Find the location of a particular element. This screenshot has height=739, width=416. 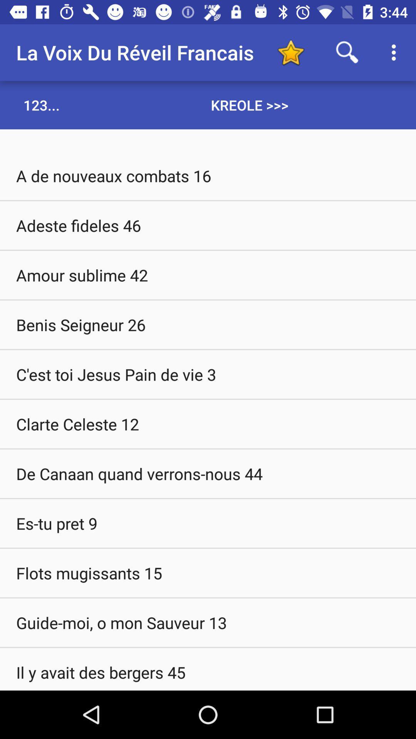

the item above clarte celeste 12 is located at coordinates (208, 374).